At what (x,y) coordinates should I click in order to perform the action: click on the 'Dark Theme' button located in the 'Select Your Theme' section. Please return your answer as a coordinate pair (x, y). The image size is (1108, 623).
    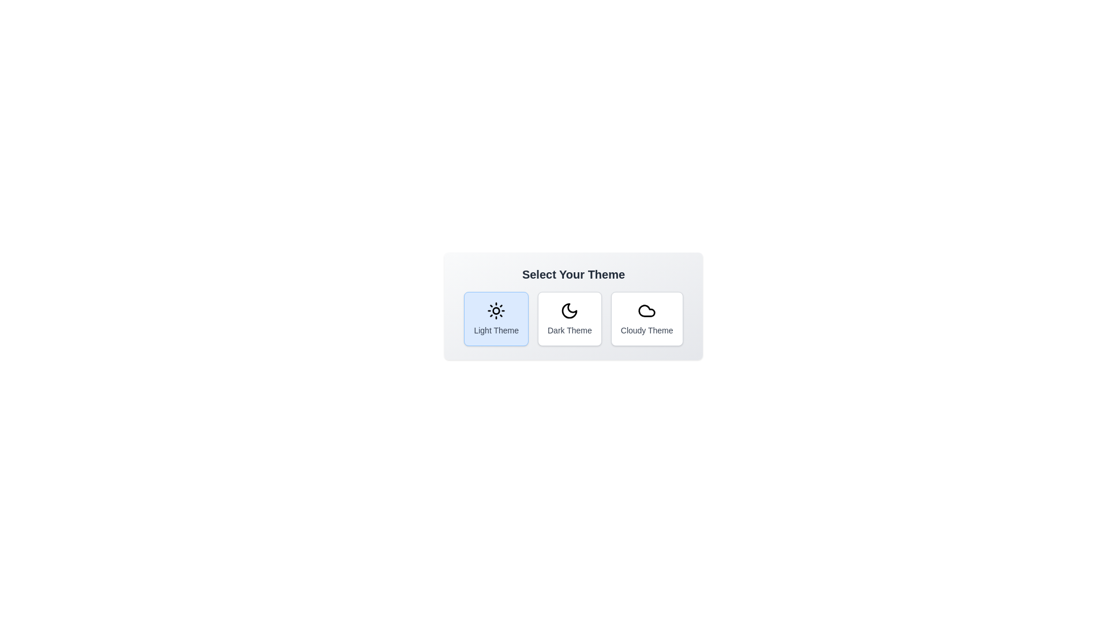
    Looking at the image, I should click on (573, 318).